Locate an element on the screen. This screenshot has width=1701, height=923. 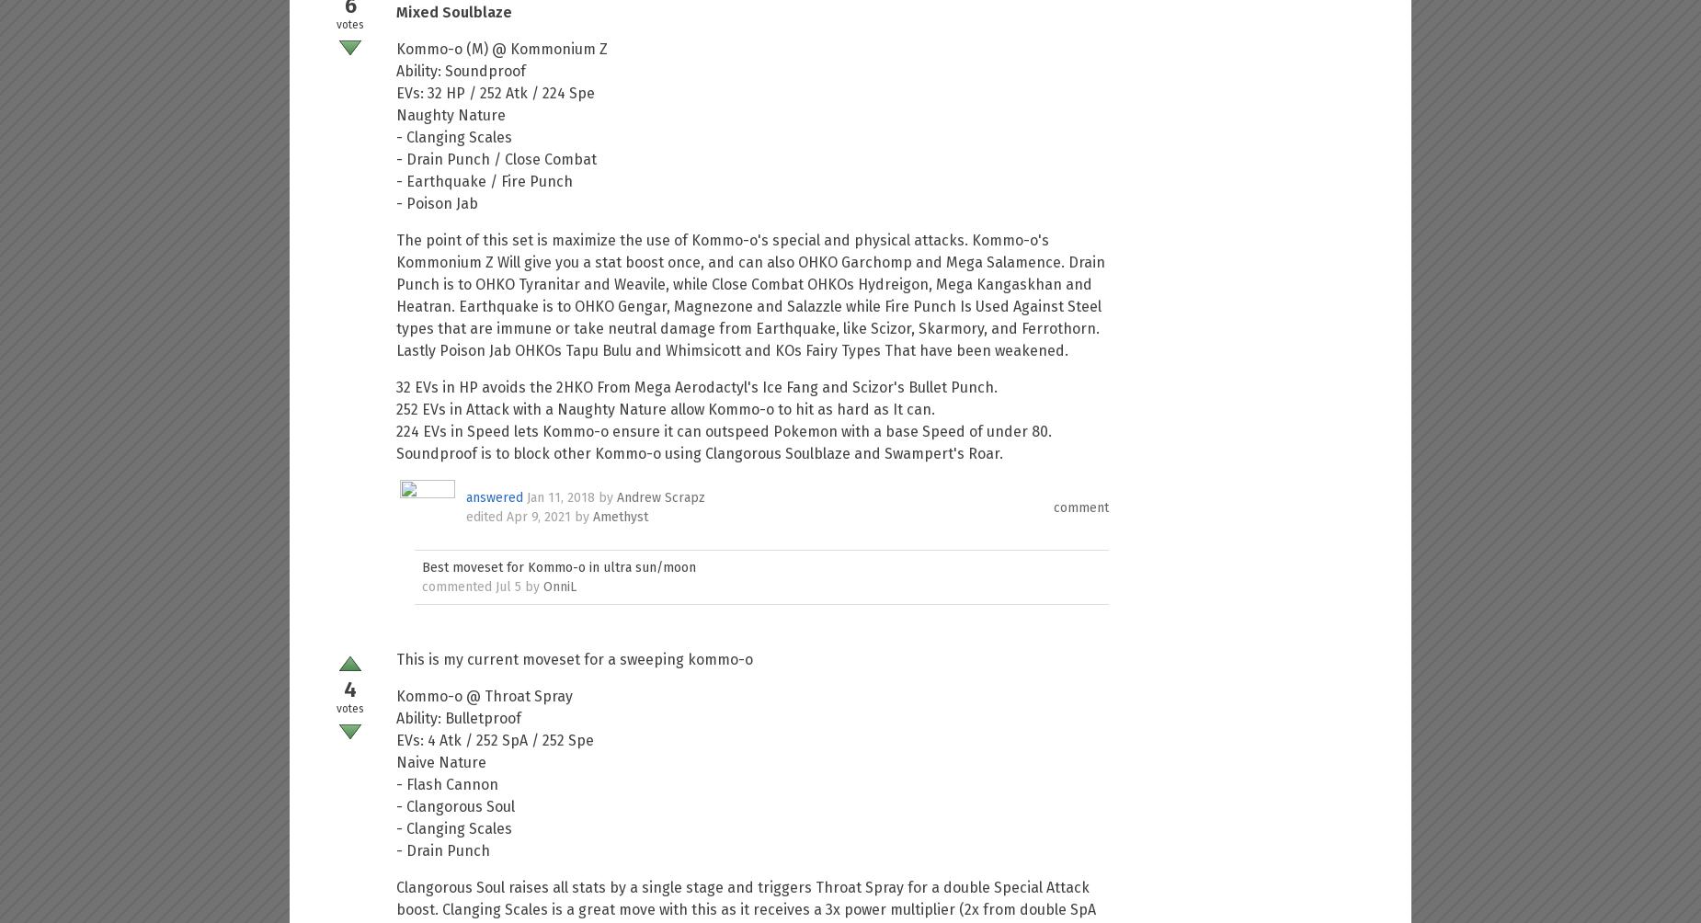
'EVs: 32 HP / 252 Atk / 224 Spe' is located at coordinates (395, 93).